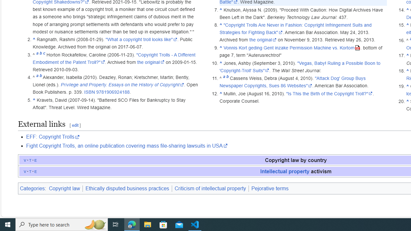 This screenshot has height=231, width=411. I want to click on 'Copyright law', so click(65, 188).